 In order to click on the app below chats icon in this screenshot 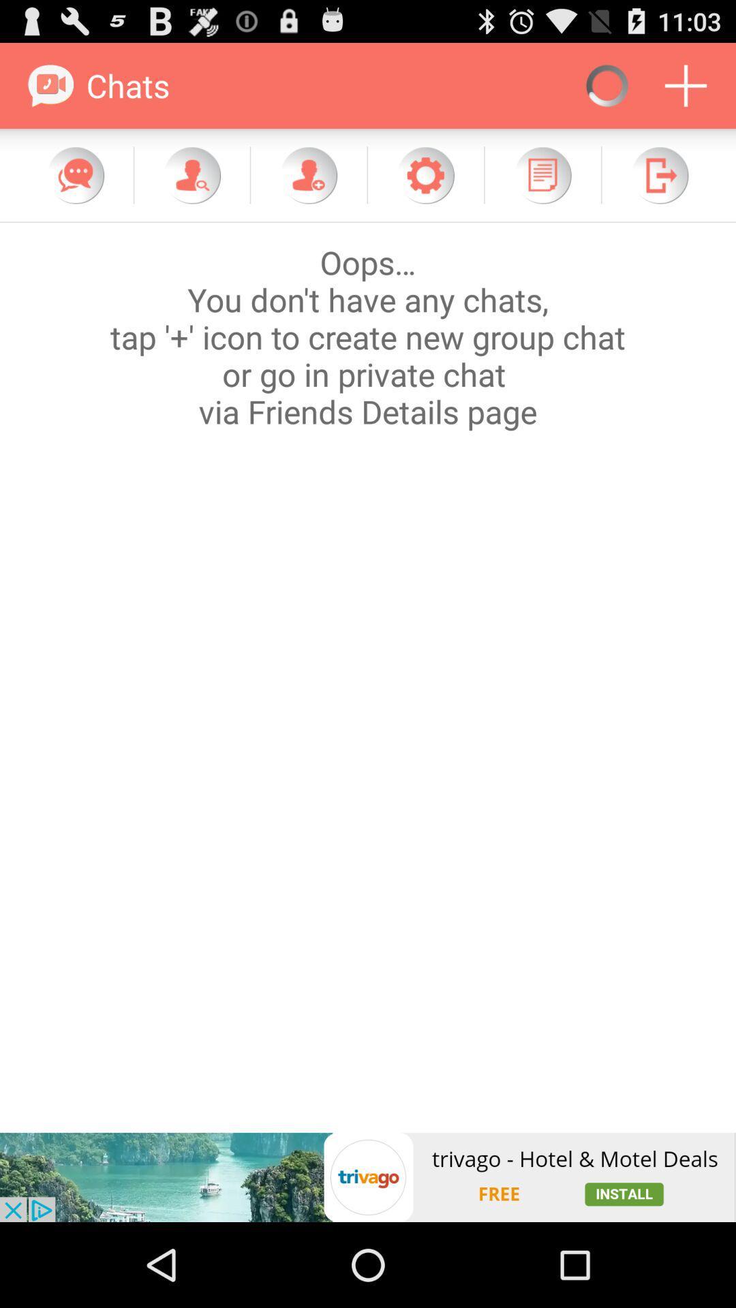, I will do `click(191, 174)`.